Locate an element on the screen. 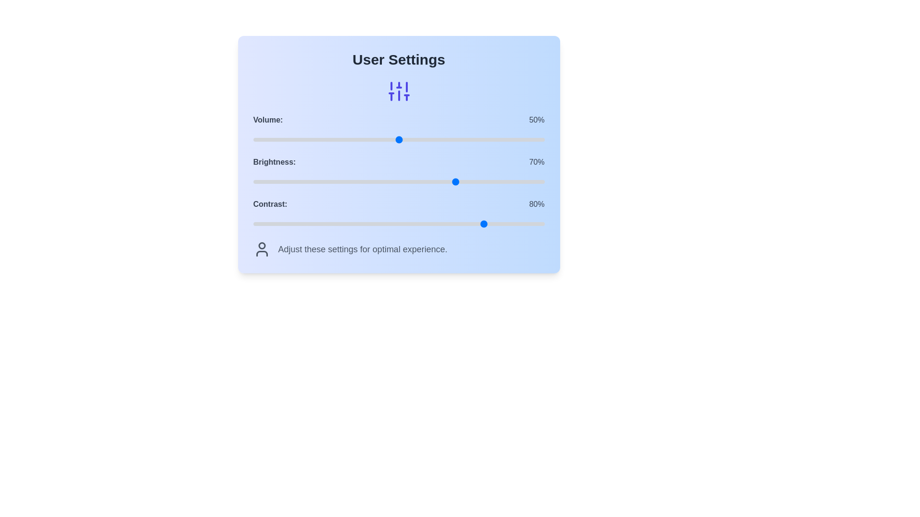 The height and width of the screenshot is (517, 920). brightness is located at coordinates (381, 182).